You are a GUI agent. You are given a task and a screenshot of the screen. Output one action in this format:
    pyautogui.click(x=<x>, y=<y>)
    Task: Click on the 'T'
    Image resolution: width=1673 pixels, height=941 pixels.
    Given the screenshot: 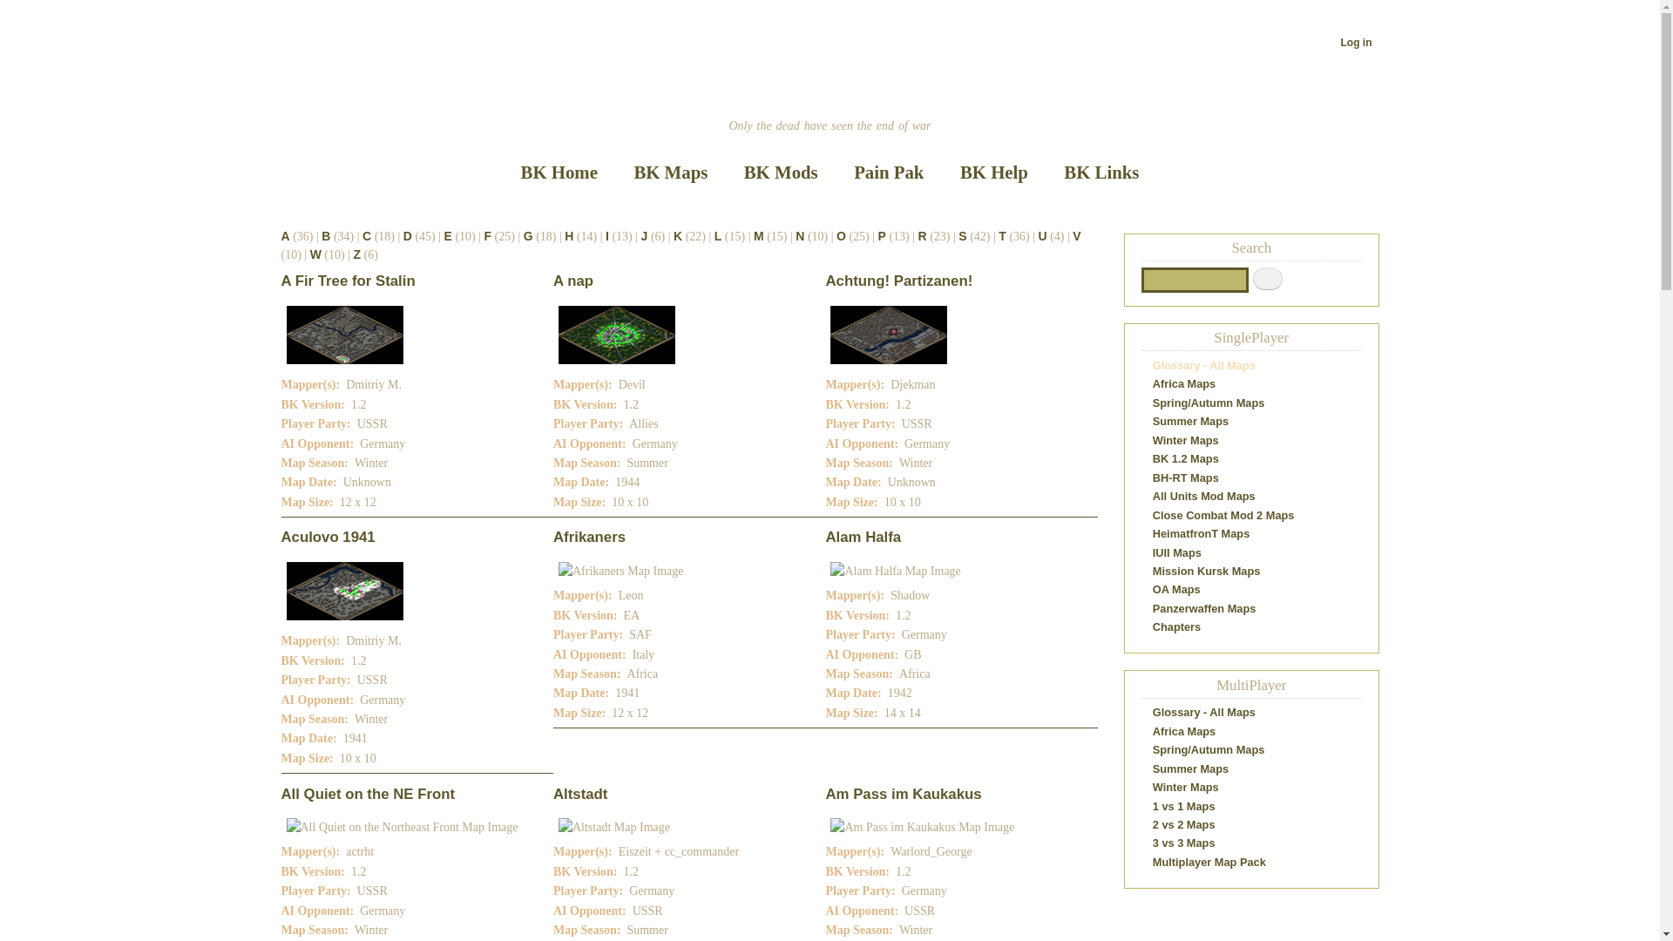 What is the action you would take?
    pyautogui.click(x=1002, y=235)
    